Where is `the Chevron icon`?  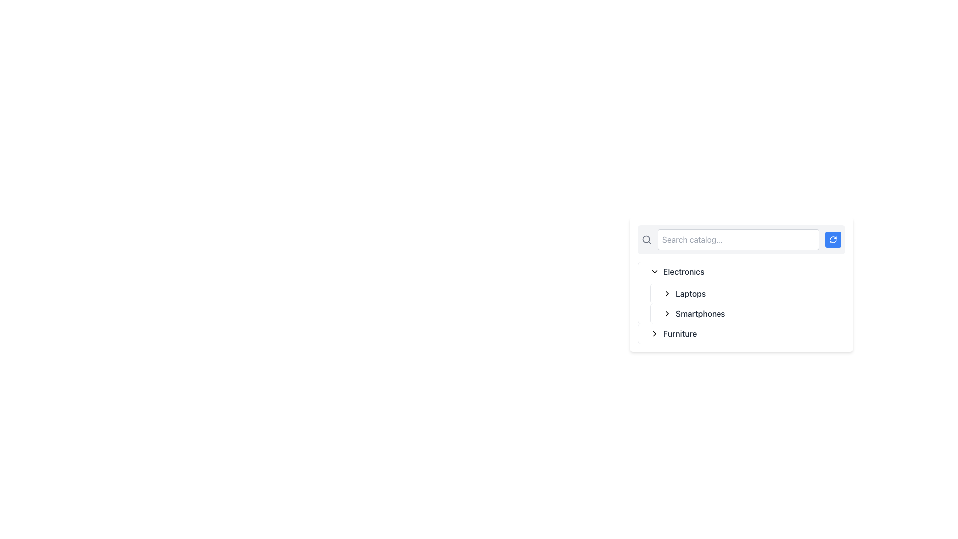 the Chevron icon is located at coordinates (667, 313).